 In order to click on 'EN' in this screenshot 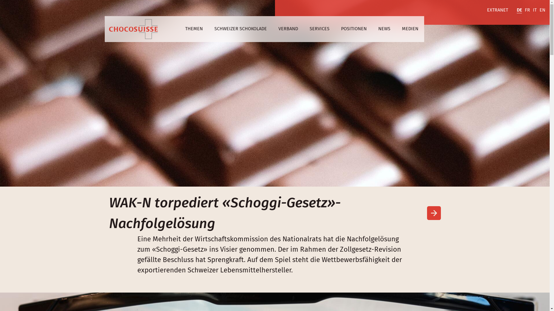, I will do `click(542, 10)`.